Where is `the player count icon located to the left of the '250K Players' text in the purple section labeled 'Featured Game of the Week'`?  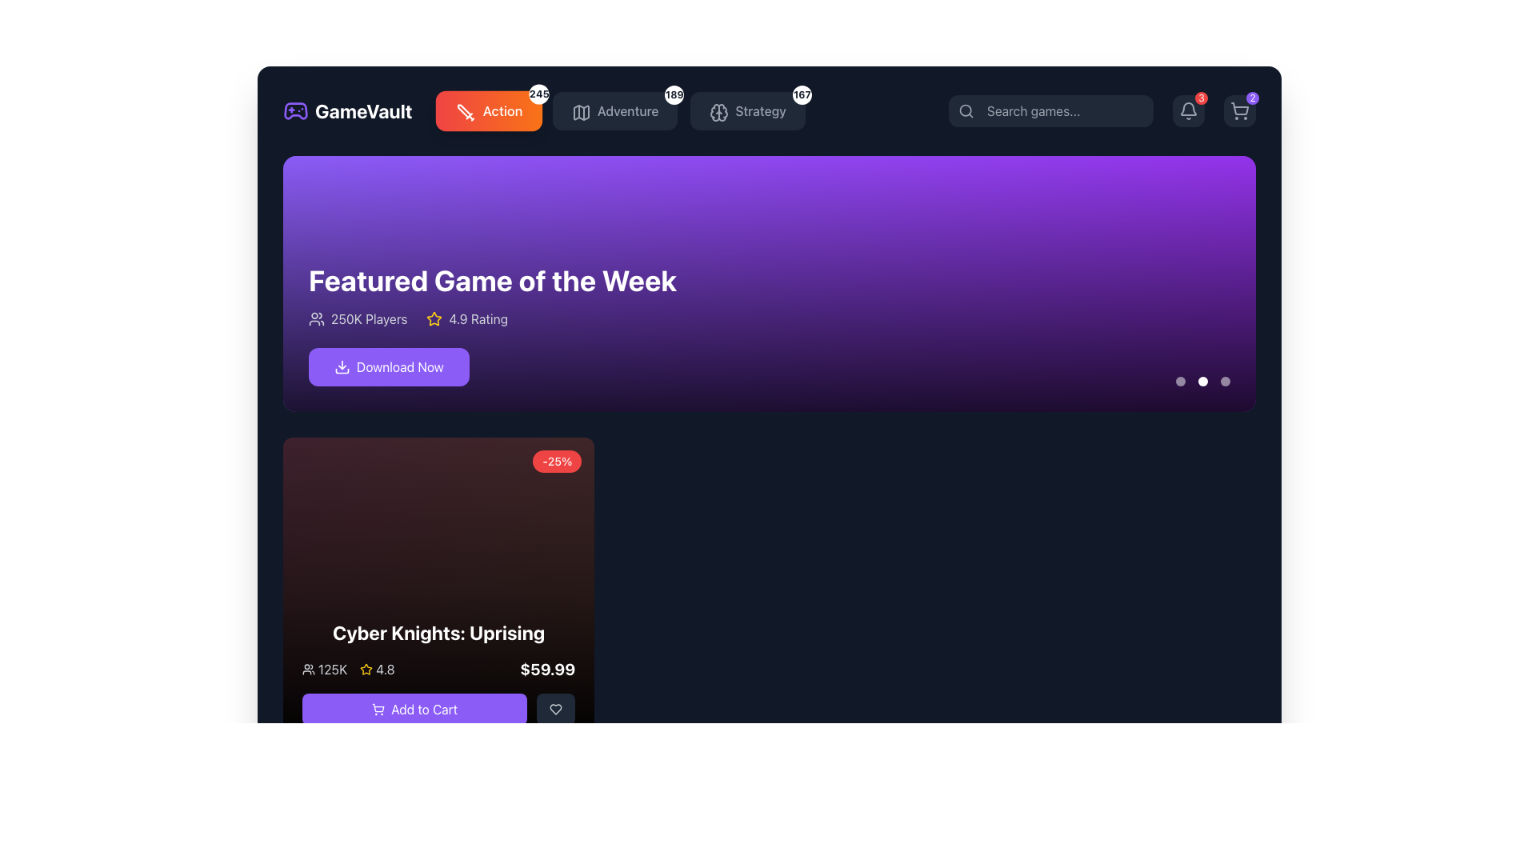 the player count icon located to the left of the '250K Players' text in the purple section labeled 'Featured Game of the Week' is located at coordinates (316, 318).